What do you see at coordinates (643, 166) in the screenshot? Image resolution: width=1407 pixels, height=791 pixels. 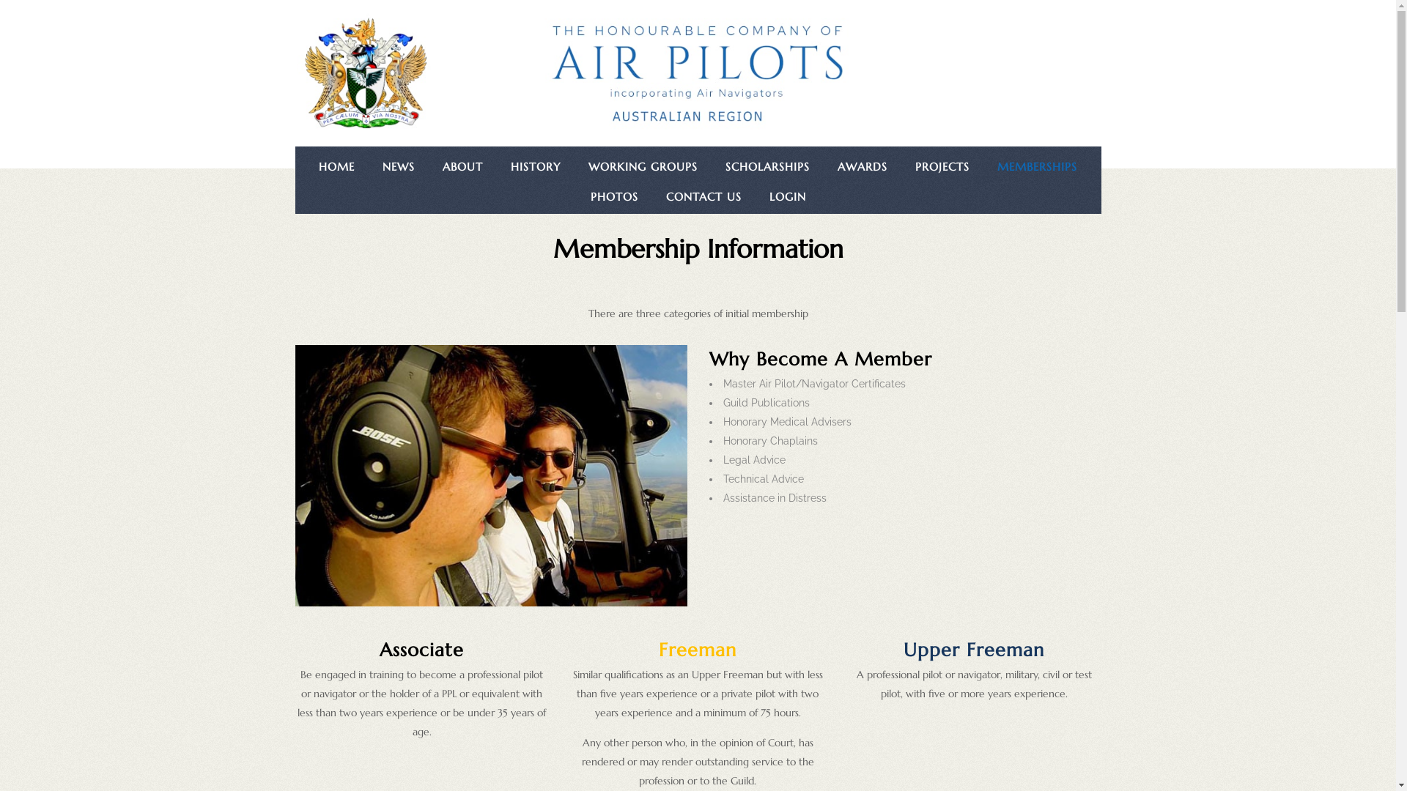 I see `'WORKING GROUPS'` at bounding box center [643, 166].